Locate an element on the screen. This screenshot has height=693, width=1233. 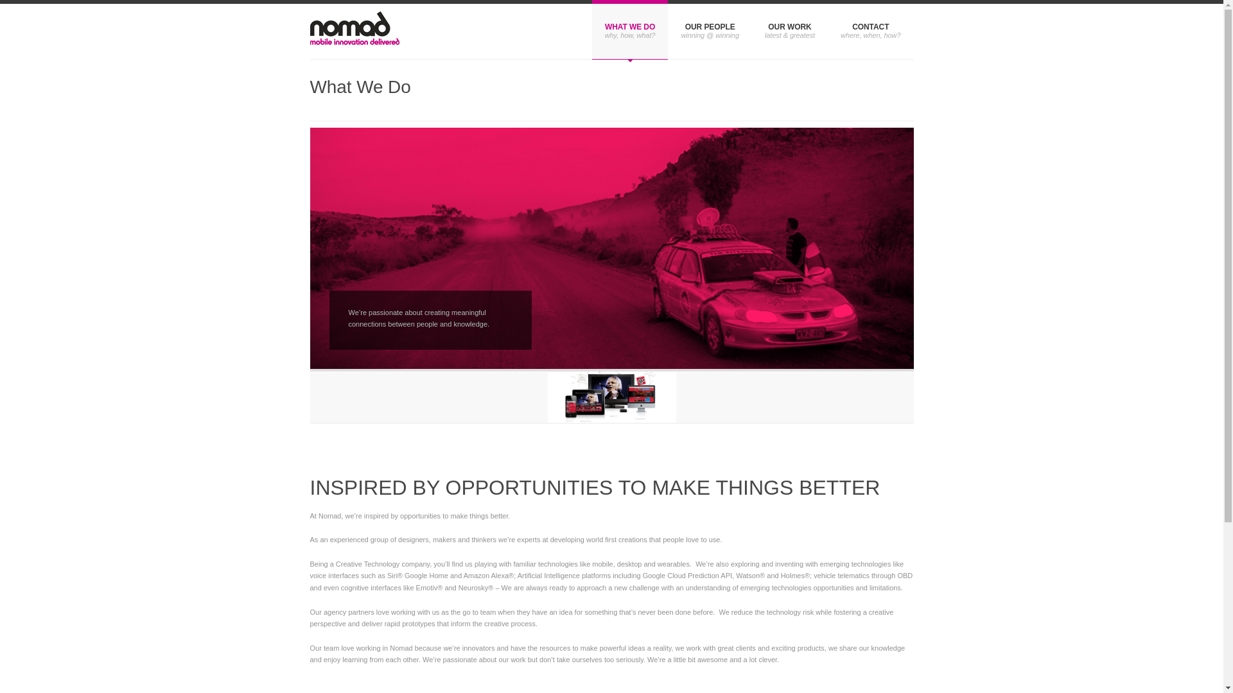
'Nomad Agency' is located at coordinates (354, 31).